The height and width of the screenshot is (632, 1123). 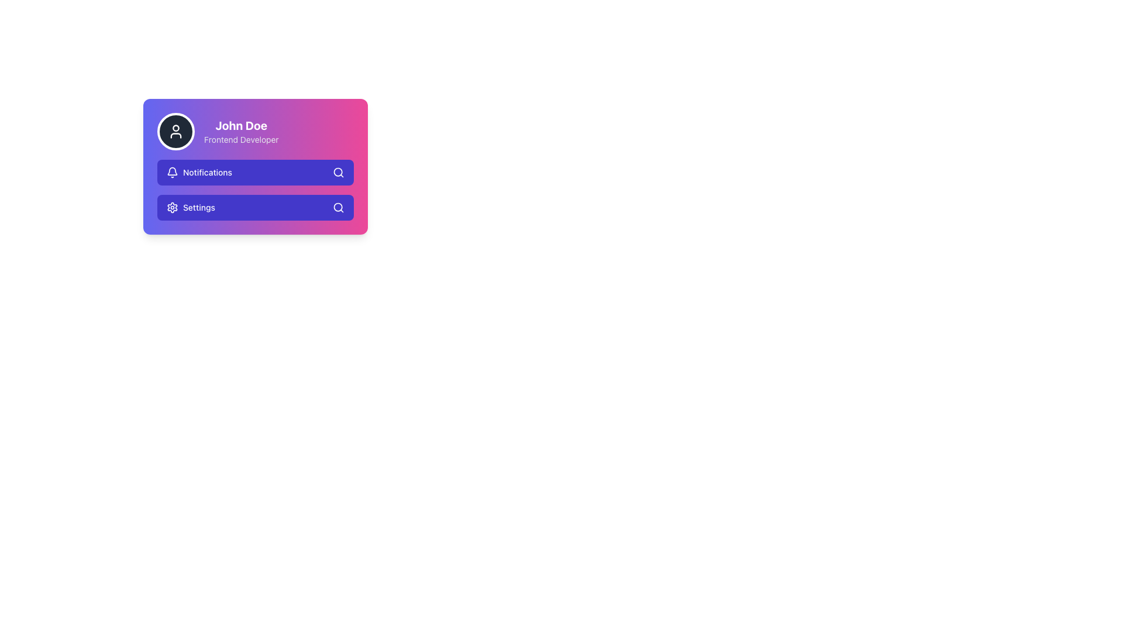 What do you see at coordinates (199, 172) in the screenshot?
I see `the 'Notifications' button which is a purple button with rounded corners and contains the word 'Notifications' and a bell icon` at bounding box center [199, 172].